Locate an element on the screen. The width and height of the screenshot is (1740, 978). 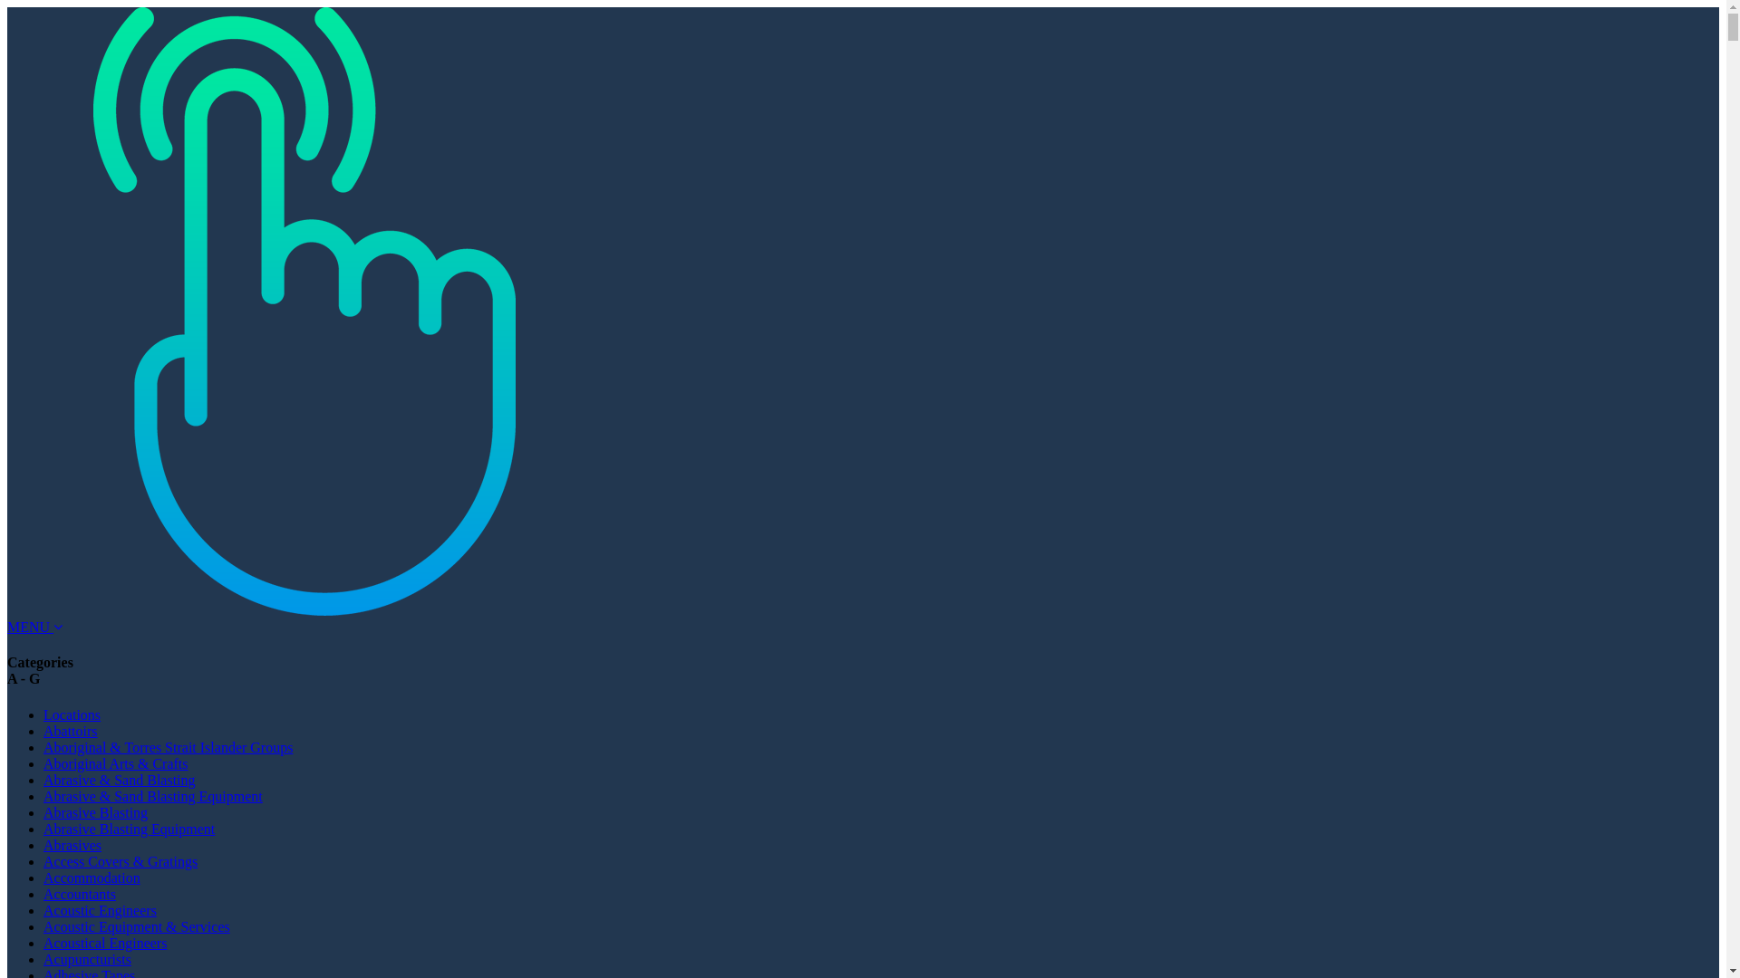
'Abrasive Blasting' is located at coordinates (43, 811).